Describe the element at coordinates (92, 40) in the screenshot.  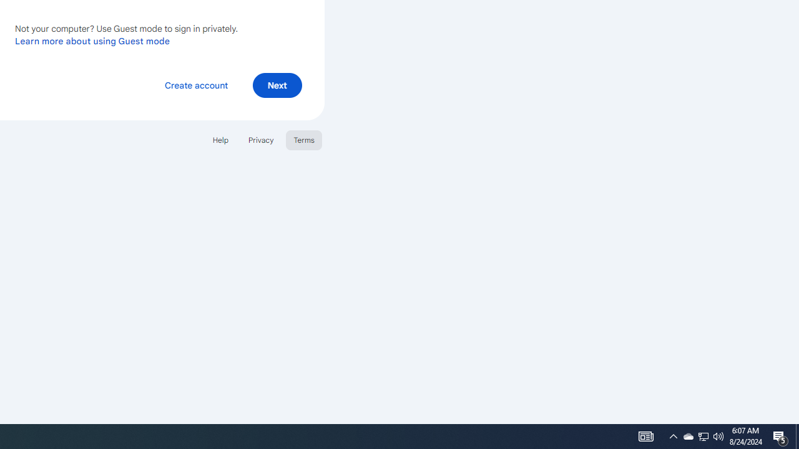
I see `'Learn more about using Guest mode'` at that location.